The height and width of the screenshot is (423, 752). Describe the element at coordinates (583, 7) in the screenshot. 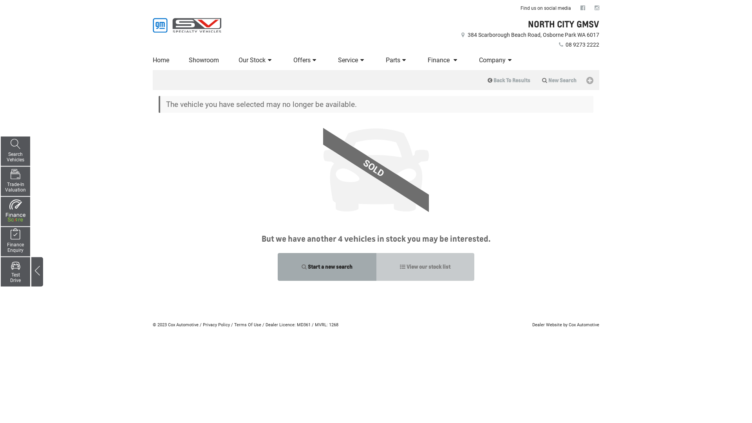

I see `'Facebook'` at that location.